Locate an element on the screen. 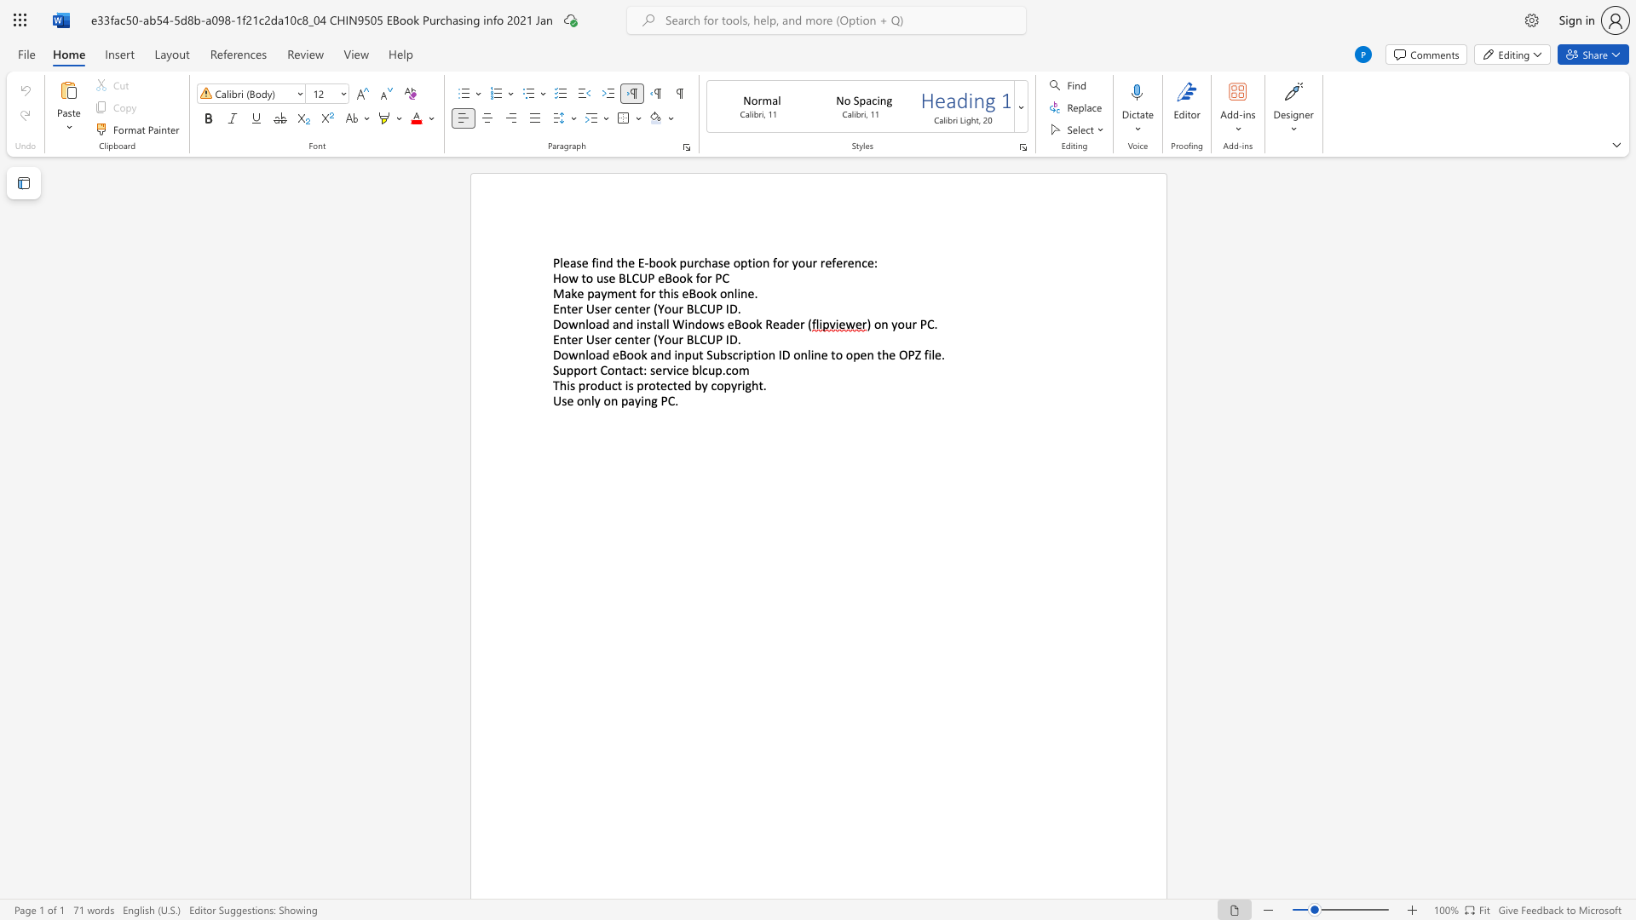 The image size is (1636, 920). the subset text "d eBook and input Subscription ID online to open the OPZ file" within the text "Download eBook and input Subscription ID online to open the OPZ file." is located at coordinates (602, 354).